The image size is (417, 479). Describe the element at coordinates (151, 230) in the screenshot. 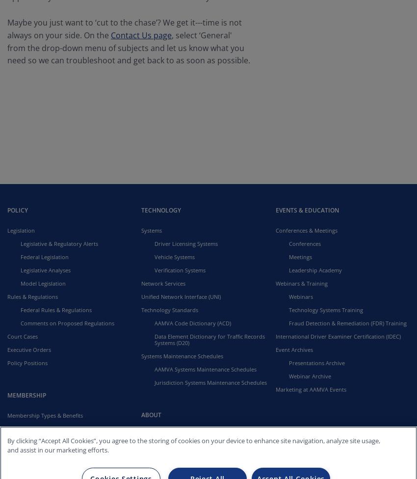

I see `'Systems'` at that location.